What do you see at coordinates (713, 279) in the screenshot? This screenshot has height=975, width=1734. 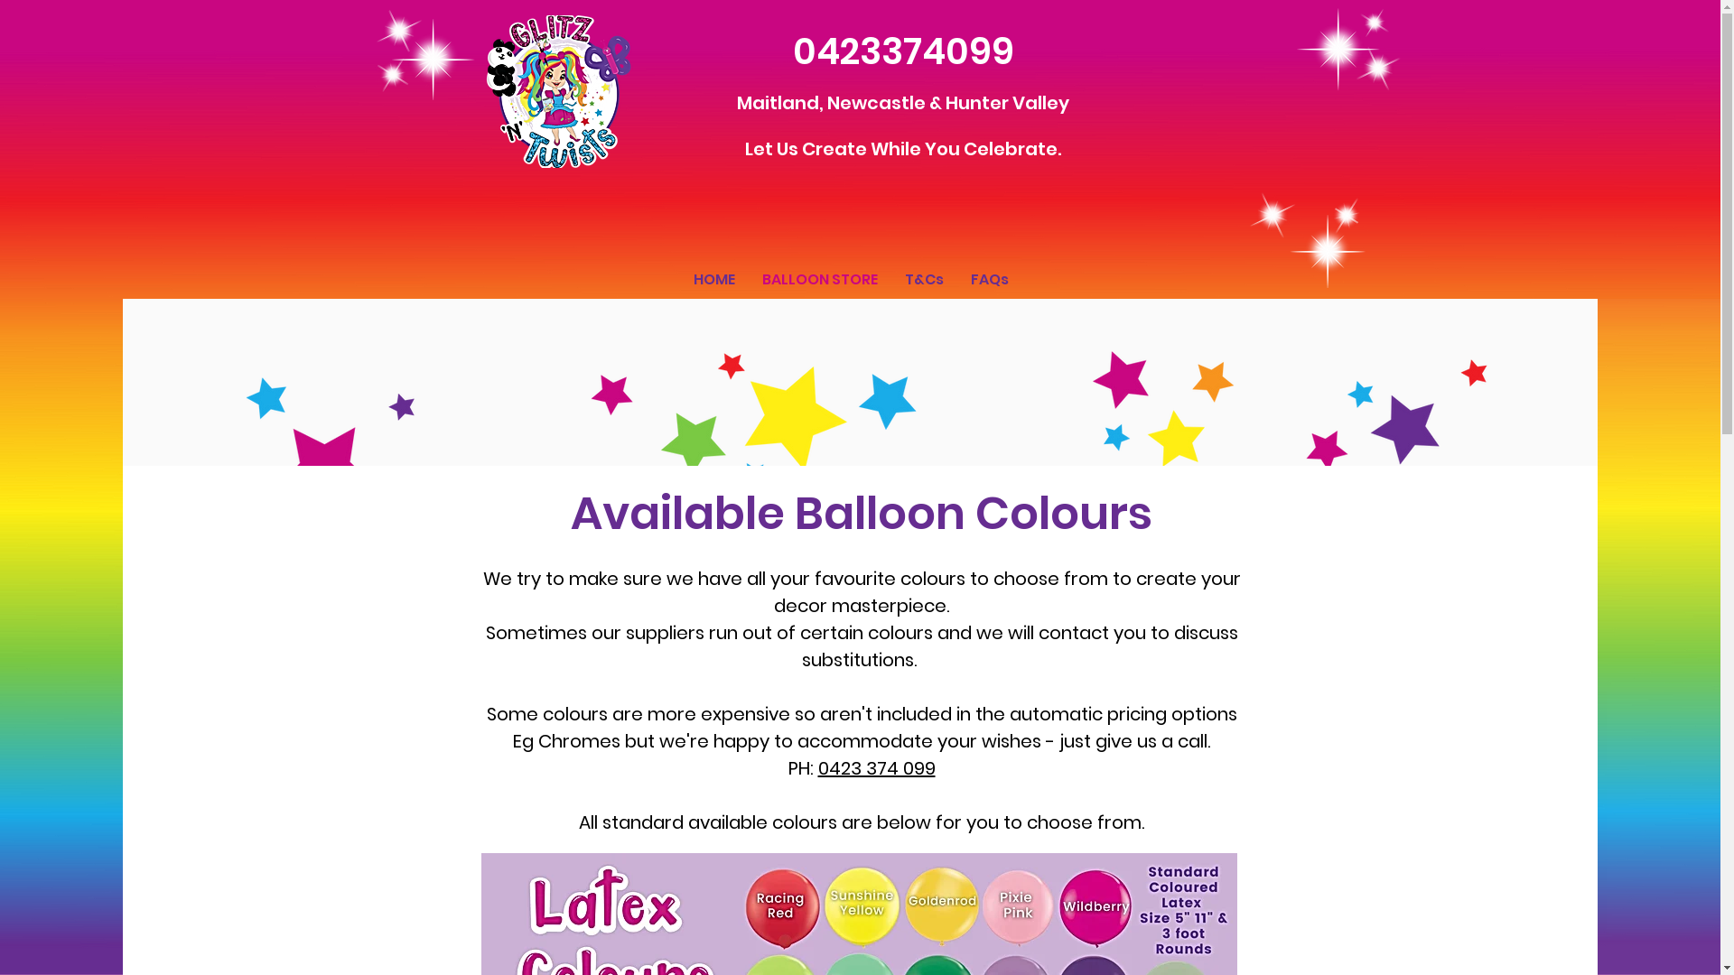 I see `'HOME'` at bounding box center [713, 279].